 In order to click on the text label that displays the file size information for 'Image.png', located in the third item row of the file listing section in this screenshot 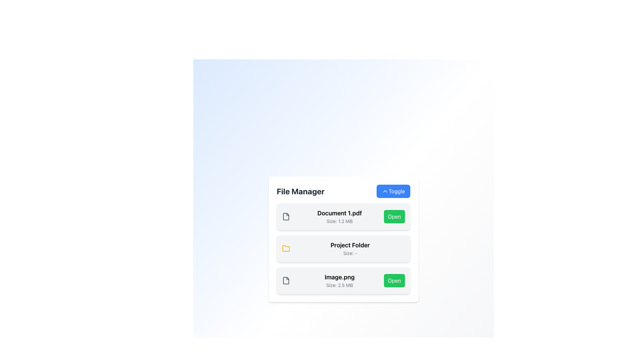, I will do `click(340, 285)`.